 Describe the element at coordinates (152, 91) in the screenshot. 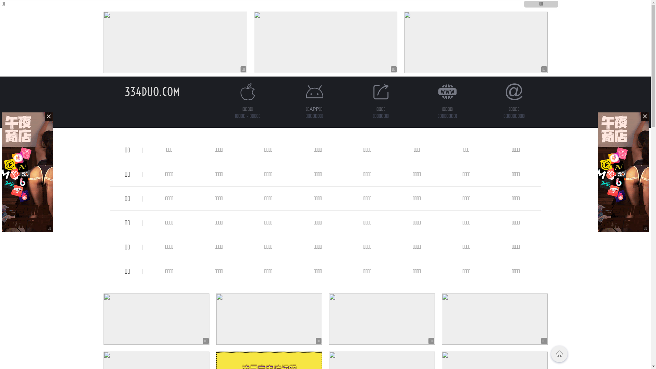

I see `'334DUO.COM'` at that location.